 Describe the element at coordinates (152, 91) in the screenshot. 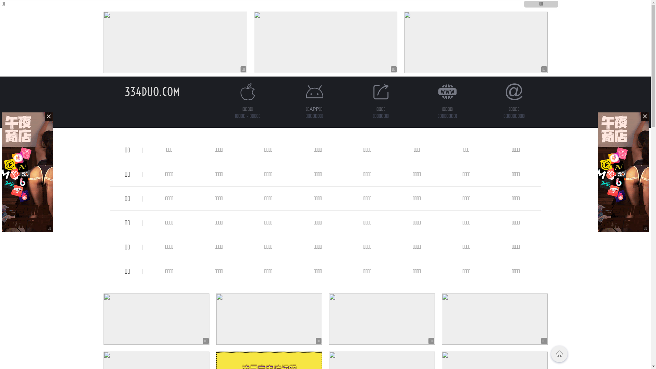

I see `'334DUO.COM'` at that location.